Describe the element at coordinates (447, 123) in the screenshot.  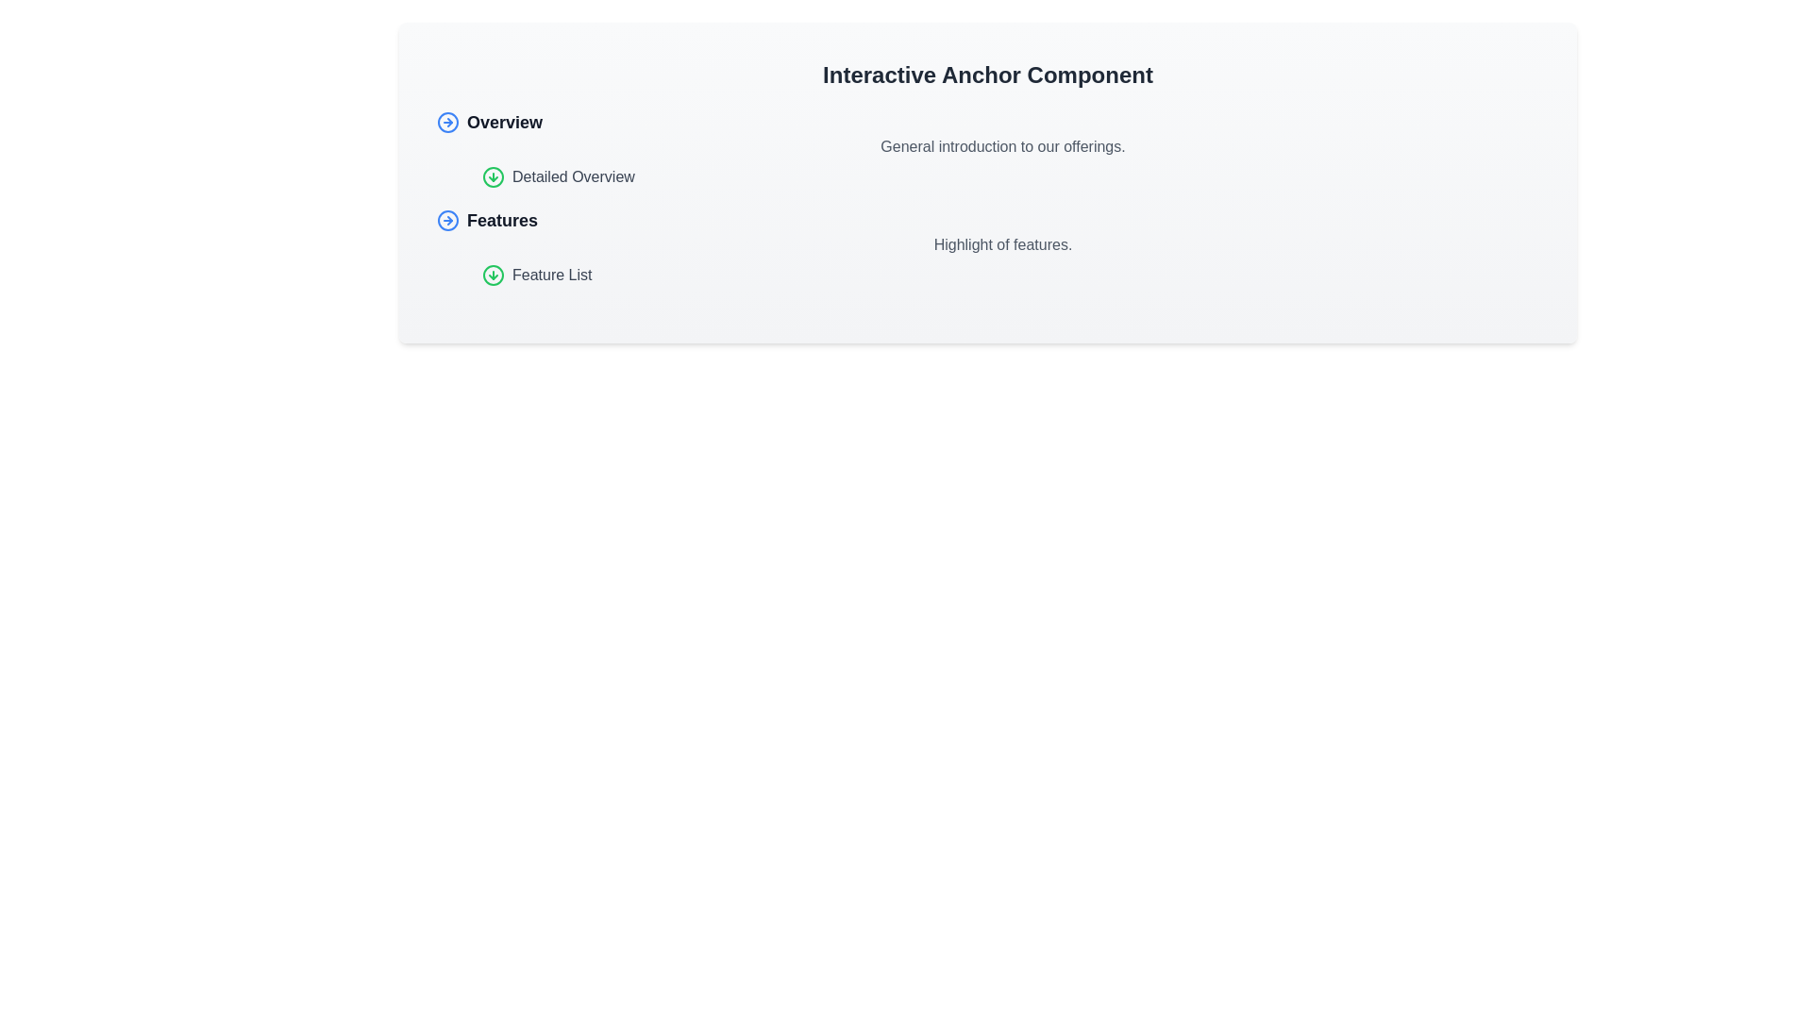
I see `the blue circular outline icon with a right-pointing arrow, located to the left of the 'Overview' text label` at that location.